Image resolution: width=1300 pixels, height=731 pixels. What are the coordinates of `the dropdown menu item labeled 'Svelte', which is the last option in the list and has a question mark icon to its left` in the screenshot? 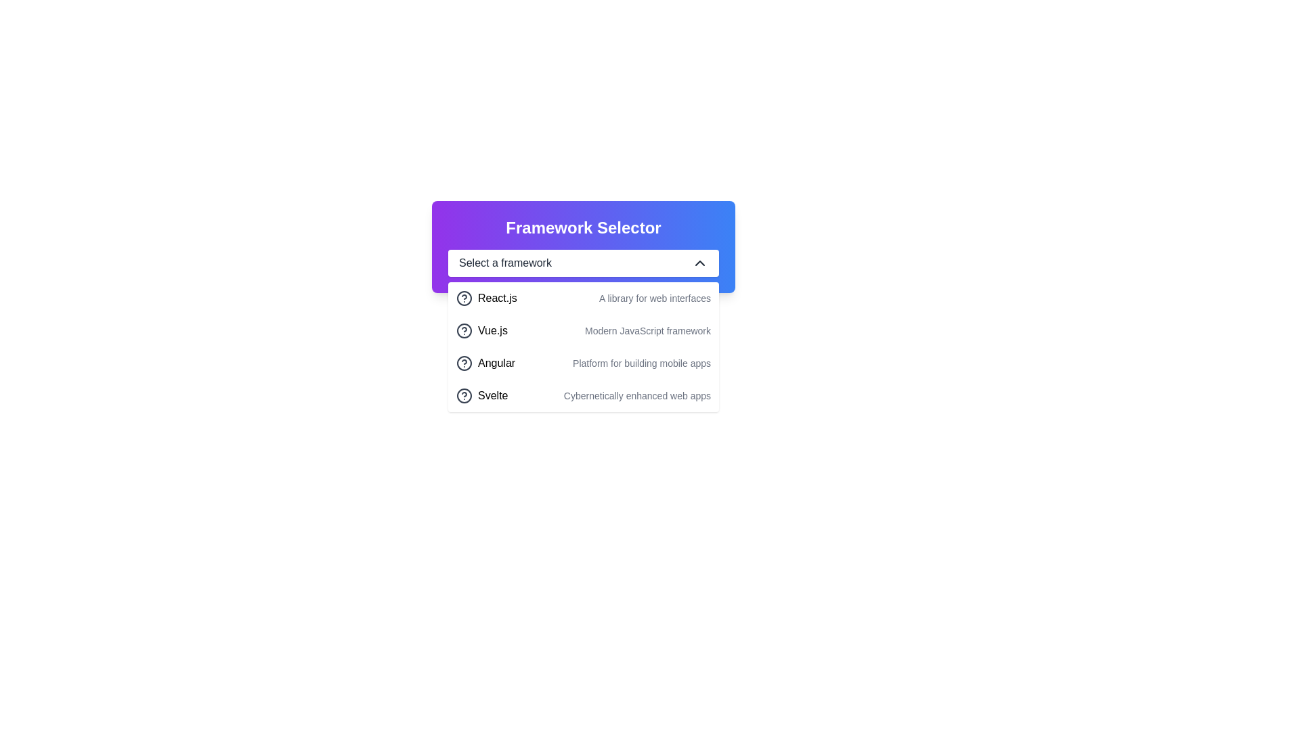 It's located at (584, 396).